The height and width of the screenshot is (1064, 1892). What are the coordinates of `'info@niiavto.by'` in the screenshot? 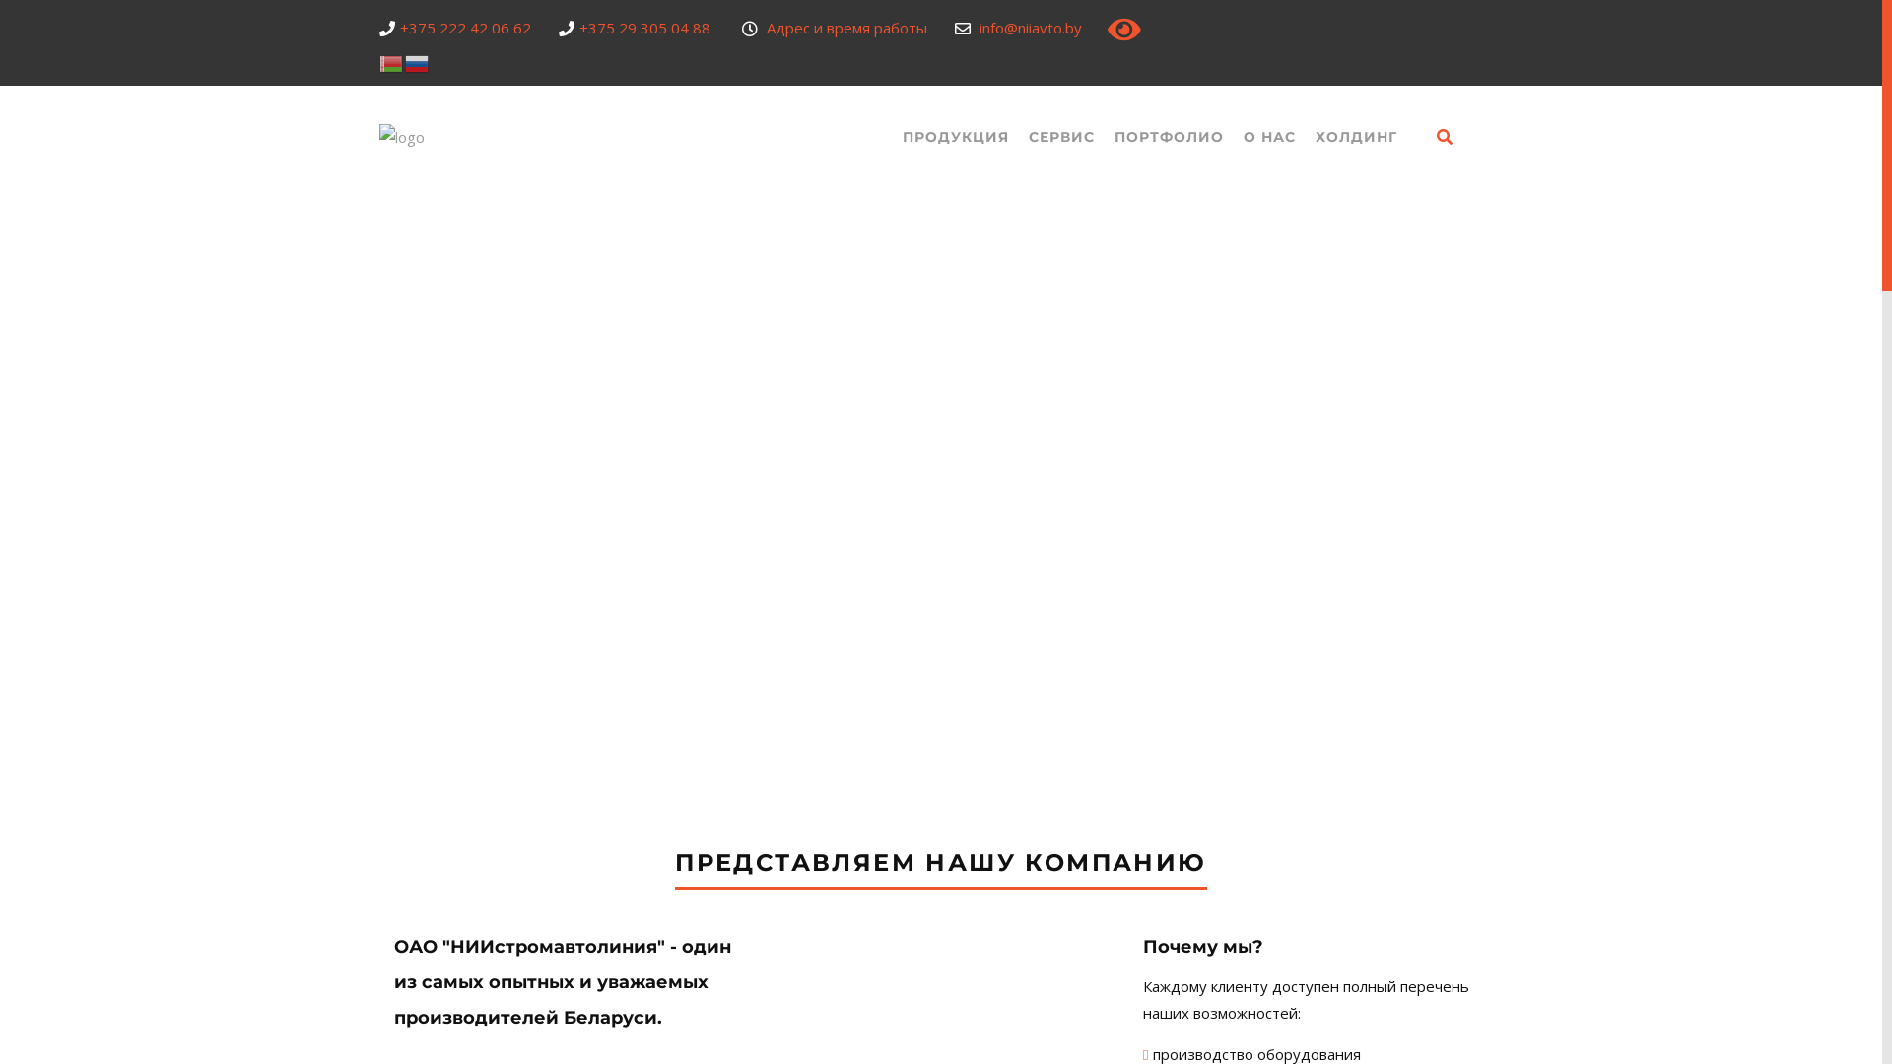 It's located at (1030, 27).